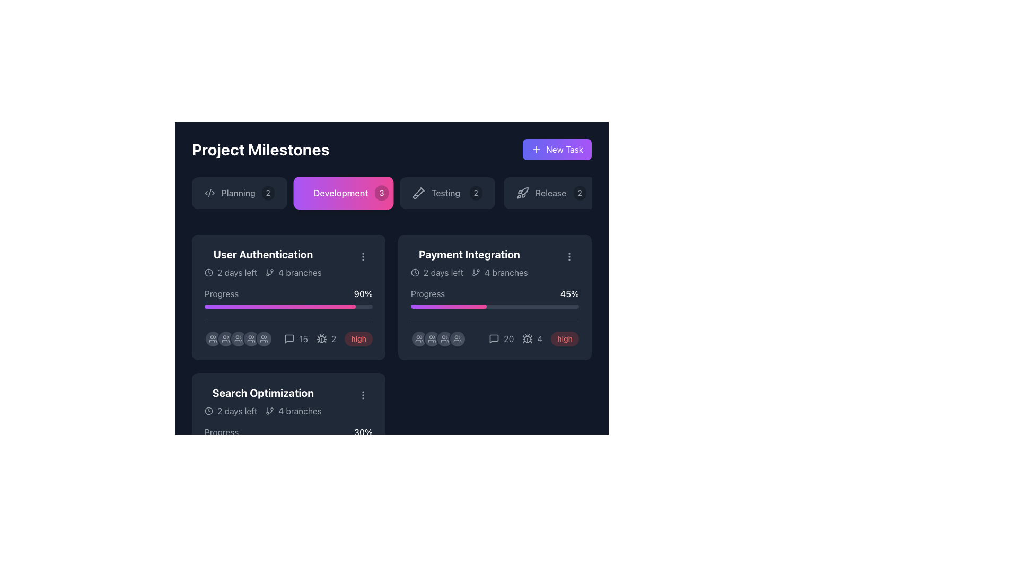 The width and height of the screenshot is (1018, 573). What do you see at coordinates (494, 334) in the screenshot?
I see `iconography and associated numbers in the Data-display group that shows the text '204high', located in the 'Payment Integration' panel under the progress bar section` at bounding box center [494, 334].